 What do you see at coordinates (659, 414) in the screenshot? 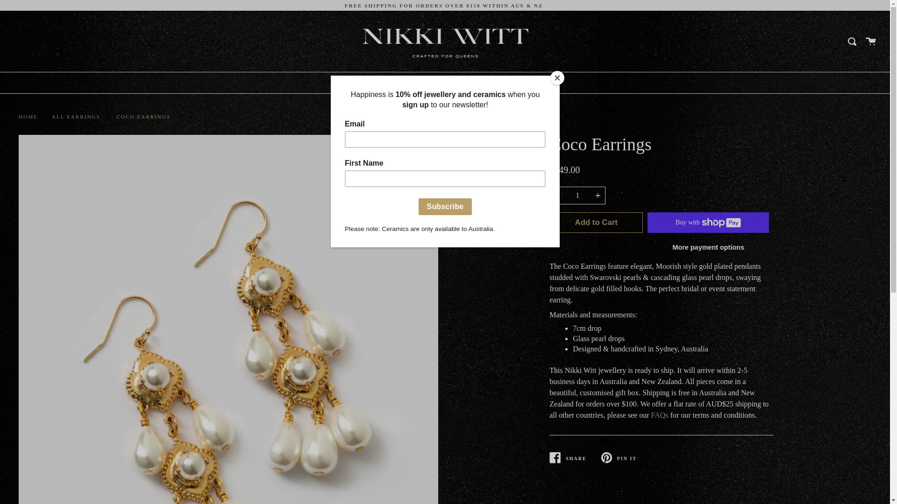
I see `'FAQs'` at bounding box center [659, 414].